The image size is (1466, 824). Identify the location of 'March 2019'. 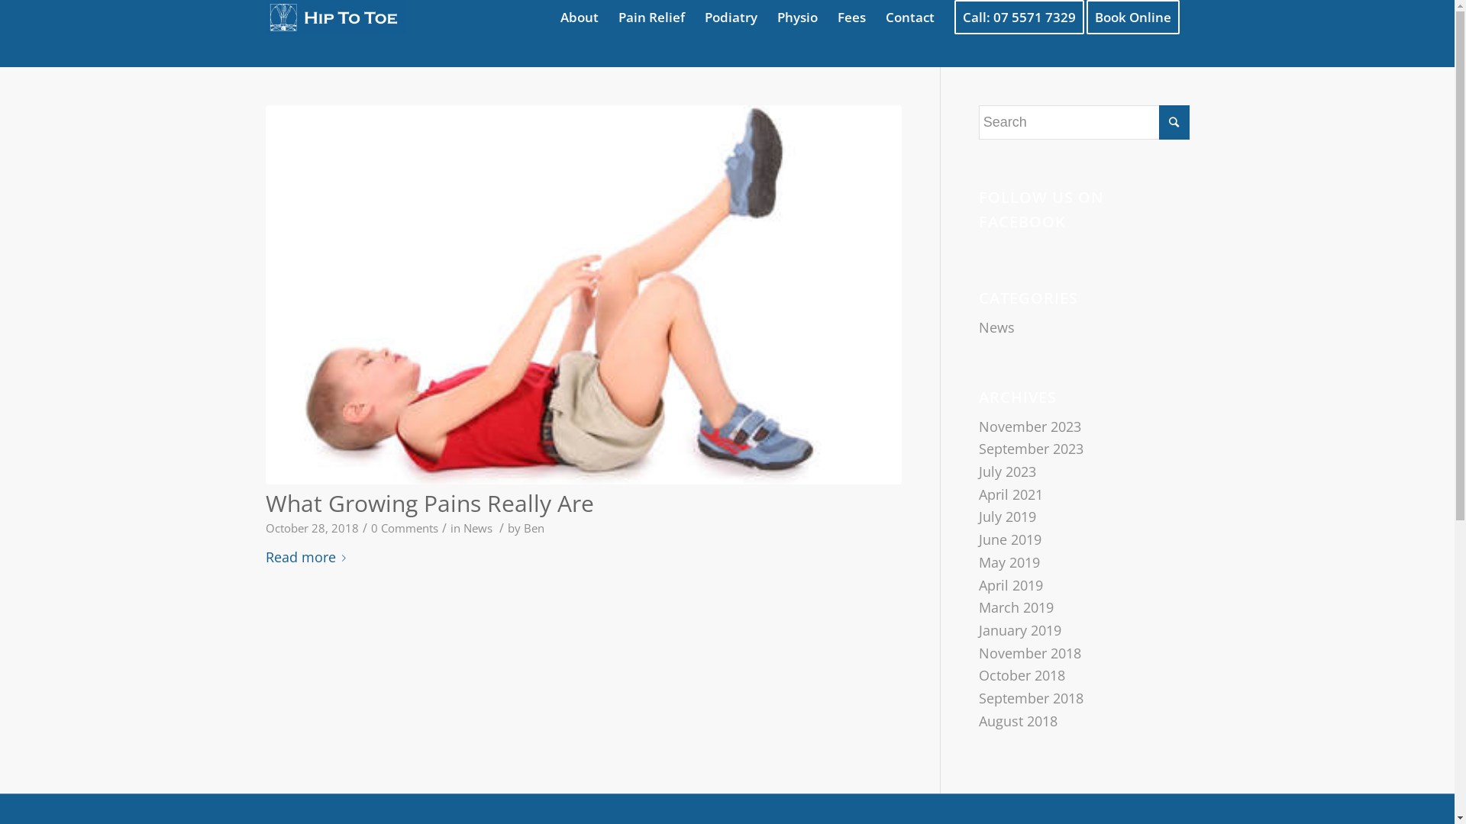
(1016, 606).